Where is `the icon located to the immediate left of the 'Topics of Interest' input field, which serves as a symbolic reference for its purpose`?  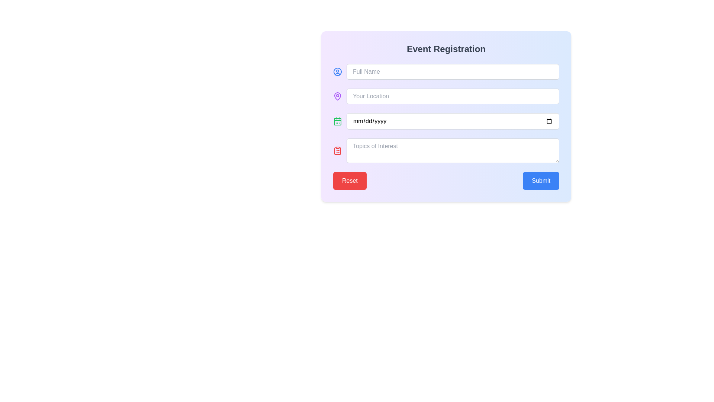
the icon located to the immediate left of the 'Topics of Interest' input field, which serves as a symbolic reference for its purpose is located at coordinates (337, 151).